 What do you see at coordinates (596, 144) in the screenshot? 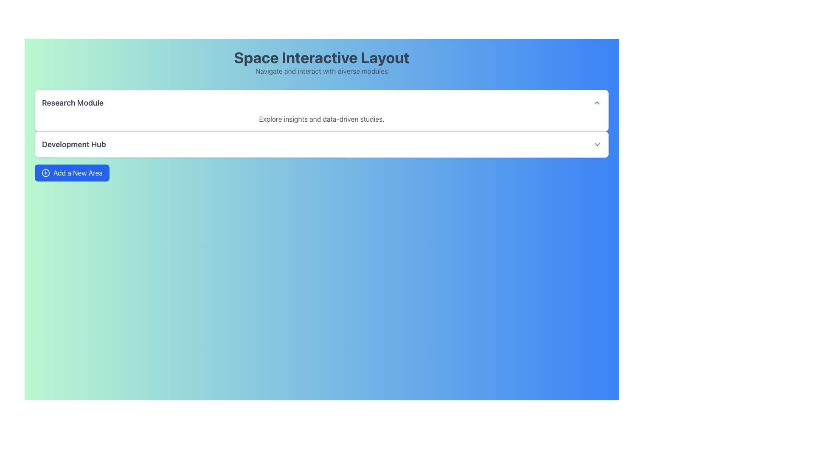
I see `the Chevron icon button located at the far-right of the 'Development Hub' header section` at bounding box center [596, 144].